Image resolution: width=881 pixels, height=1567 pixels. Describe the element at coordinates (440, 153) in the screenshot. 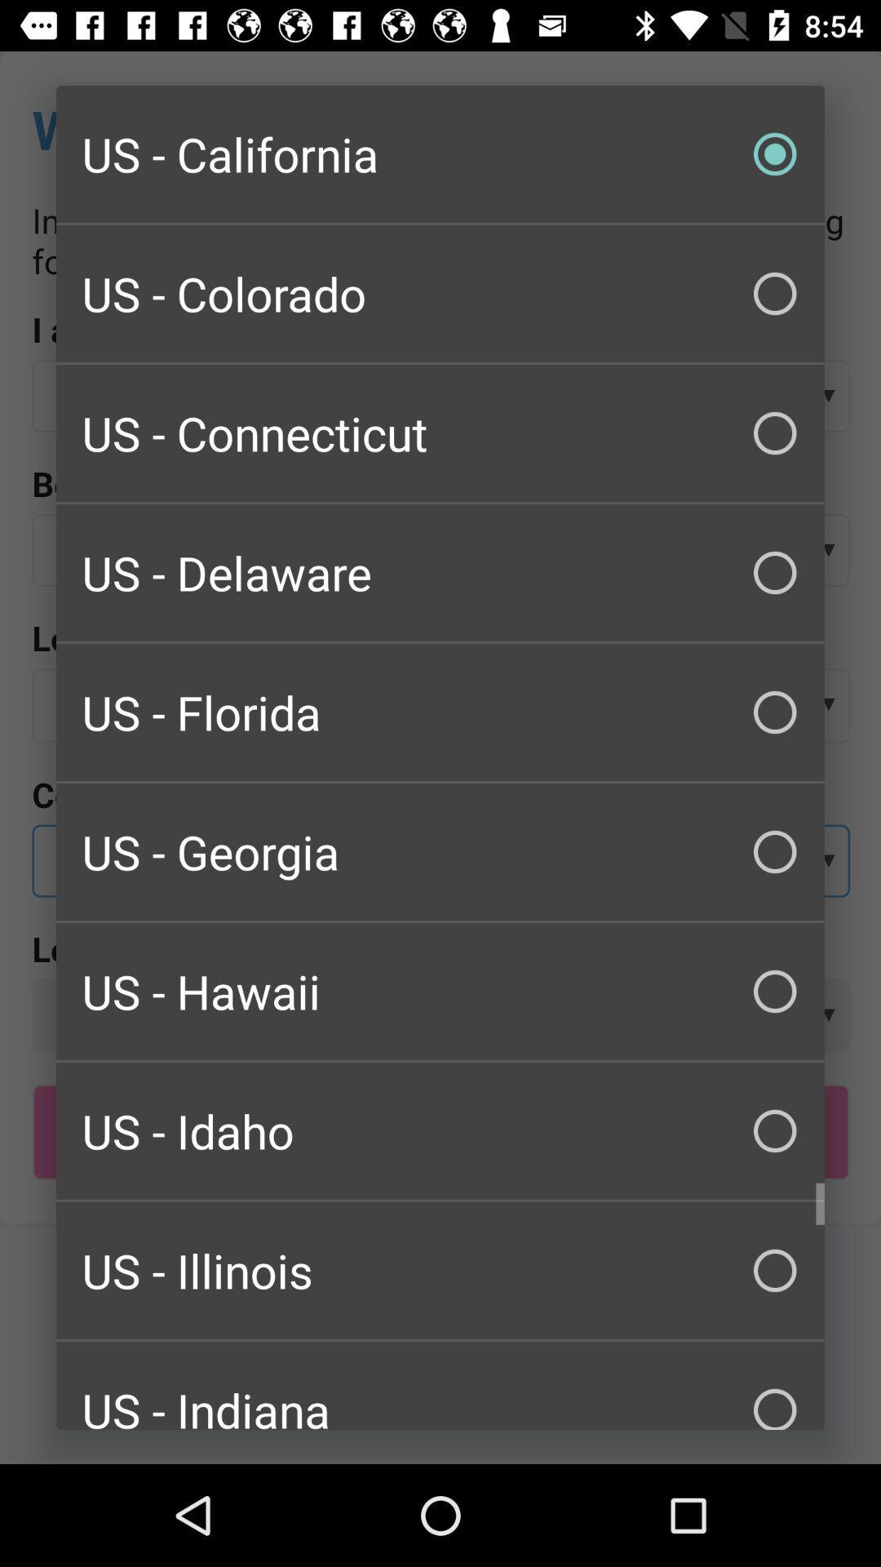

I see `the us - california checkbox` at that location.